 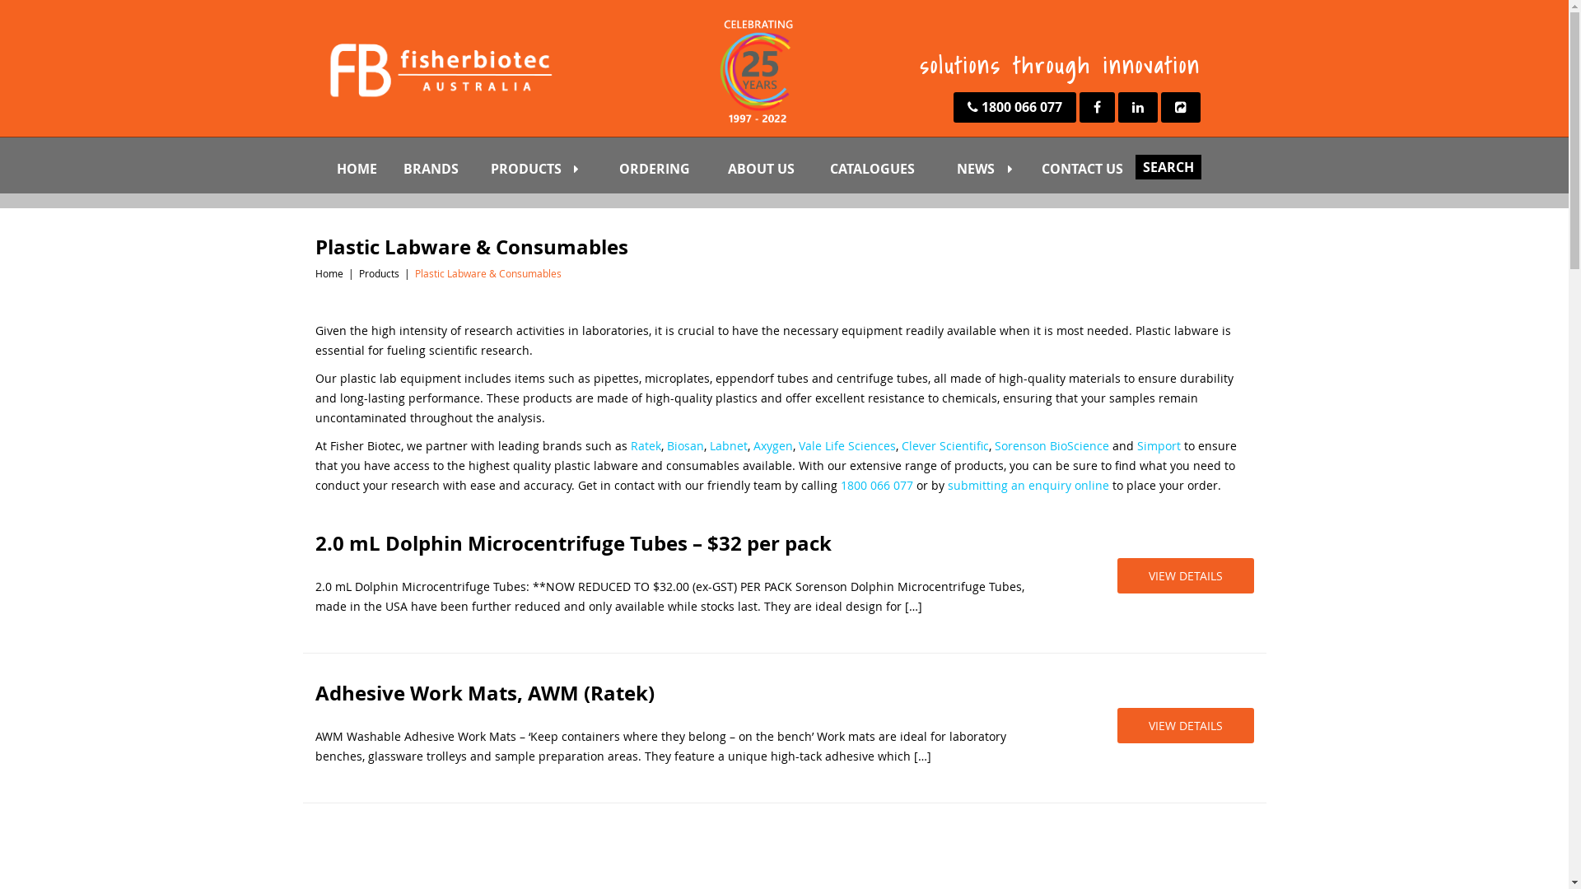 I want to click on 'Ratek', so click(x=645, y=445).